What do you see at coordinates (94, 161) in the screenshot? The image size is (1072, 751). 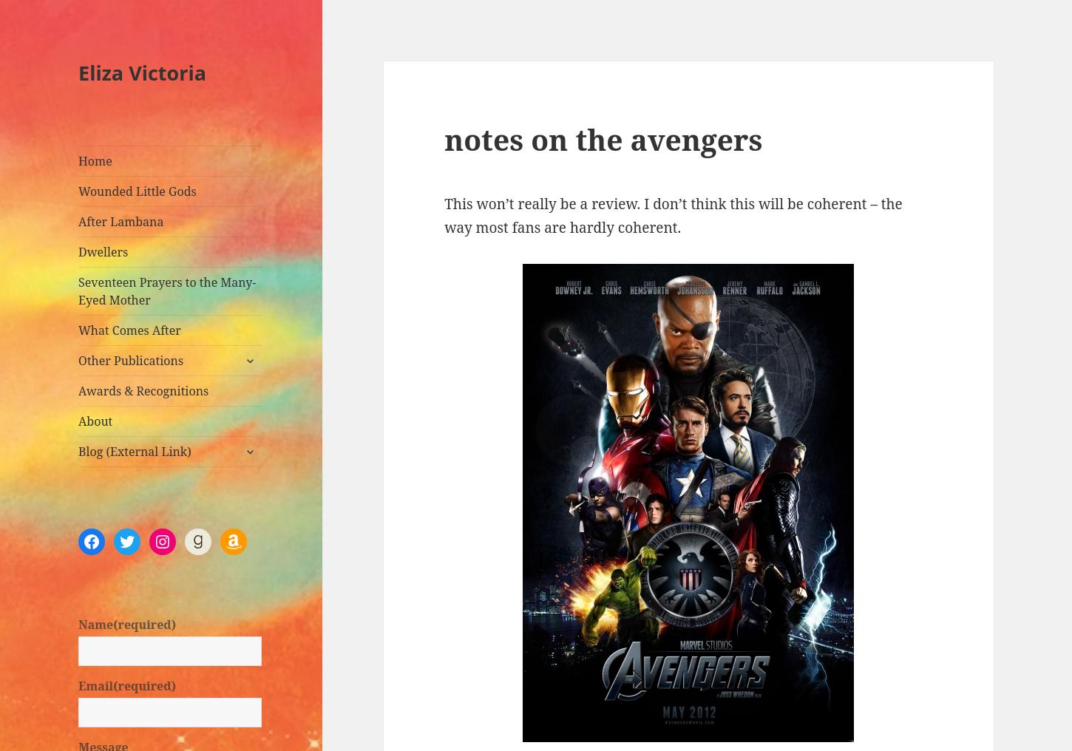 I see `'Home'` at bounding box center [94, 161].